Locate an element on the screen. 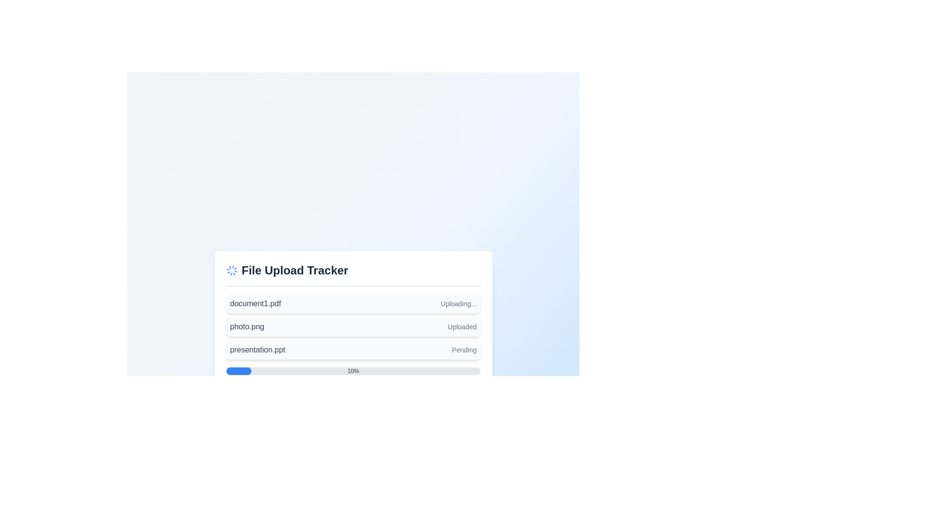 The image size is (925, 520). the progress bar indicating 10% completion in the 'File Upload Tracker' card is located at coordinates (353, 370).